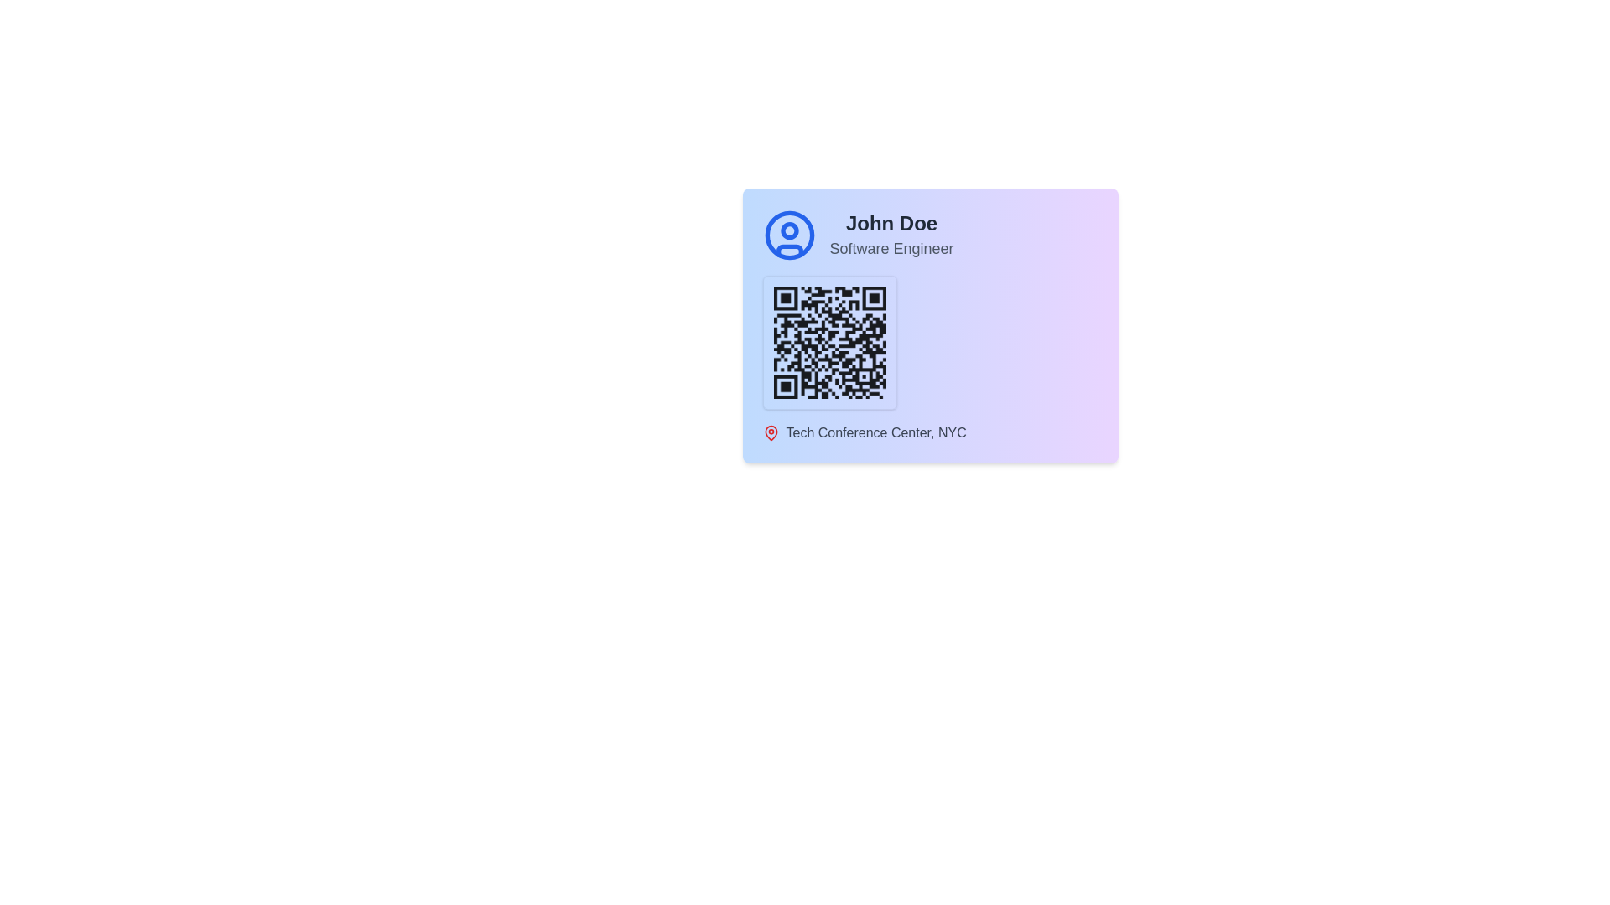  Describe the element at coordinates (891, 249) in the screenshot. I see `the text label reading 'Software Engineer', which is a light gray colored label positioned below 'John Doe'` at that location.